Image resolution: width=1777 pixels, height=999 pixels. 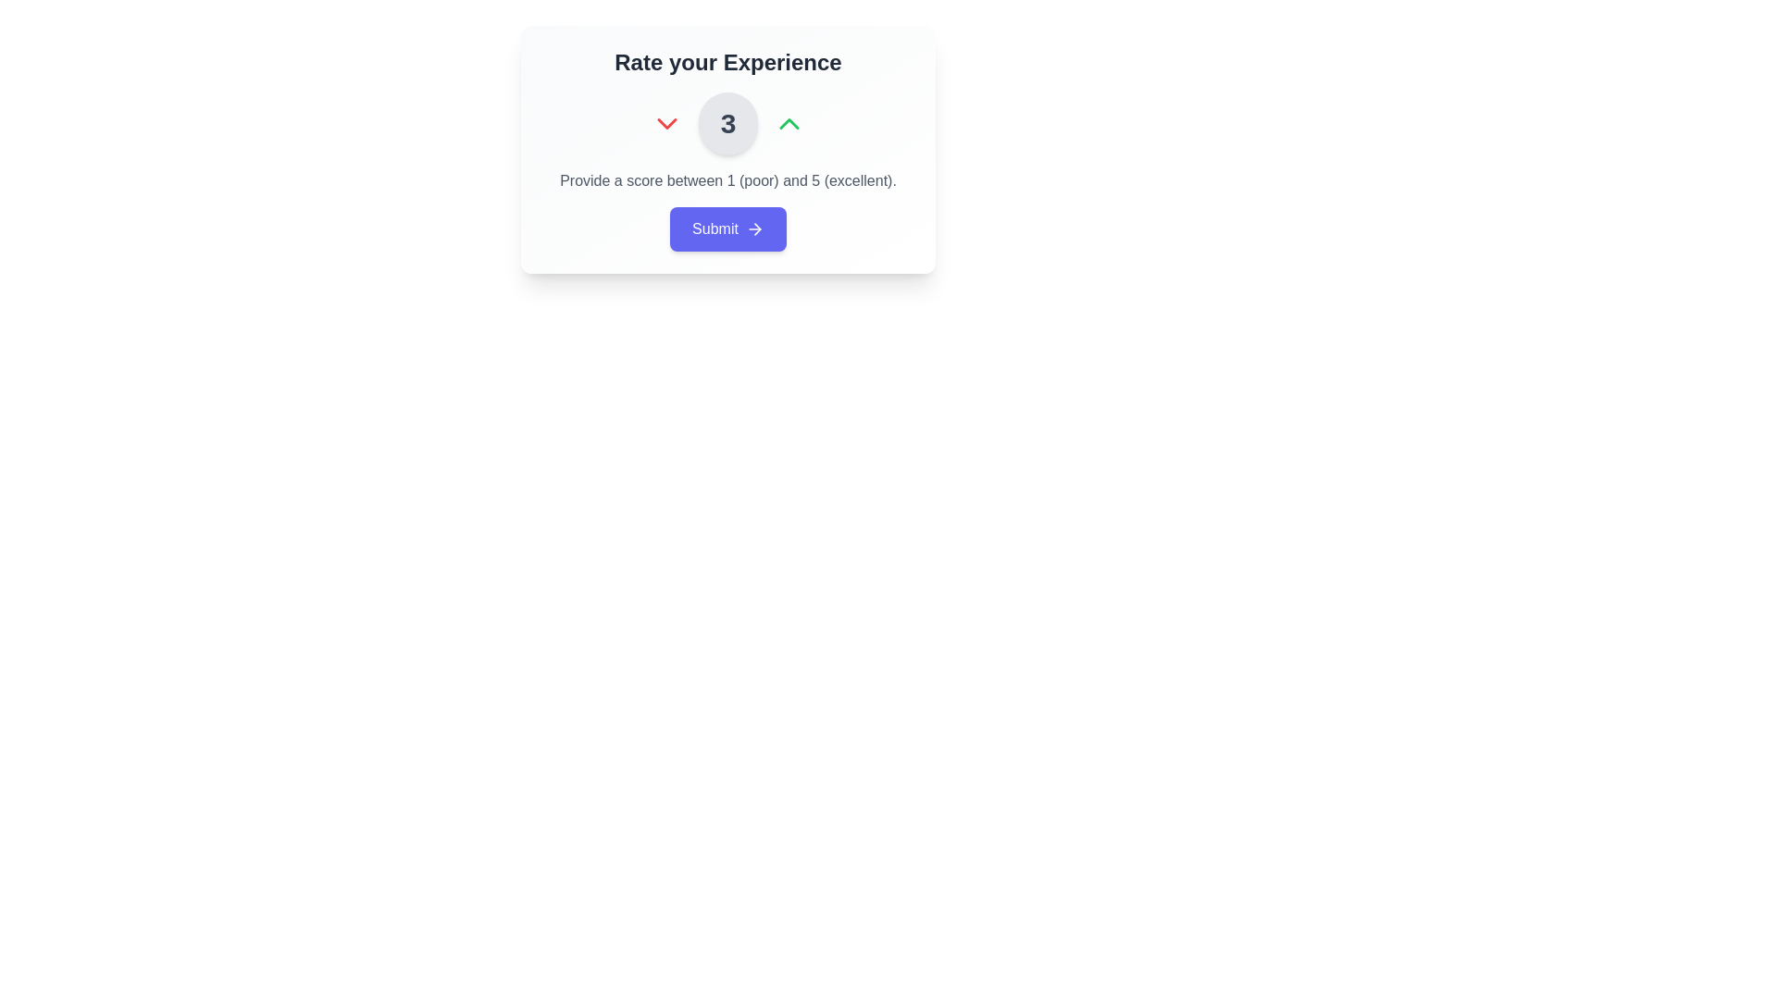 I want to click on the downward chevron icon element located beneath the numeric display (3), so click(x=666, y=124).